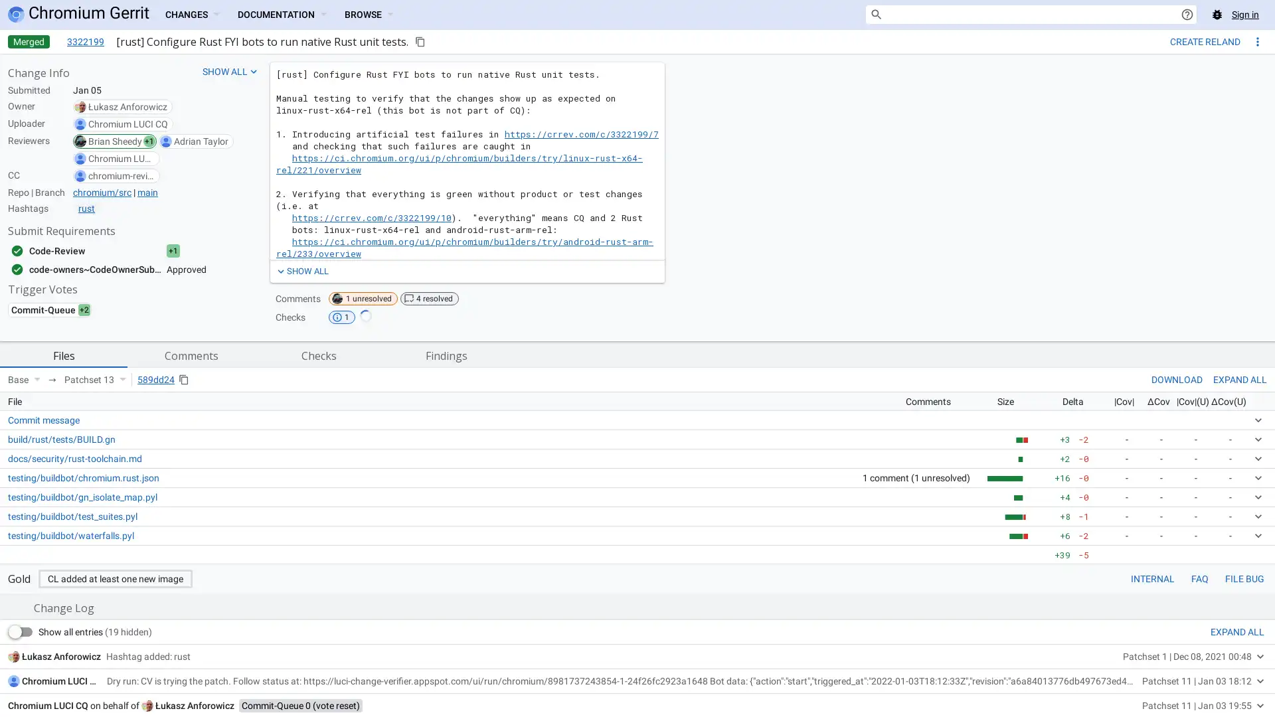 The image size is (1275, 717). What do you see at coordinates (1257, 40) in the screenshot?
I see `More` at bounding box center [1257, 40].